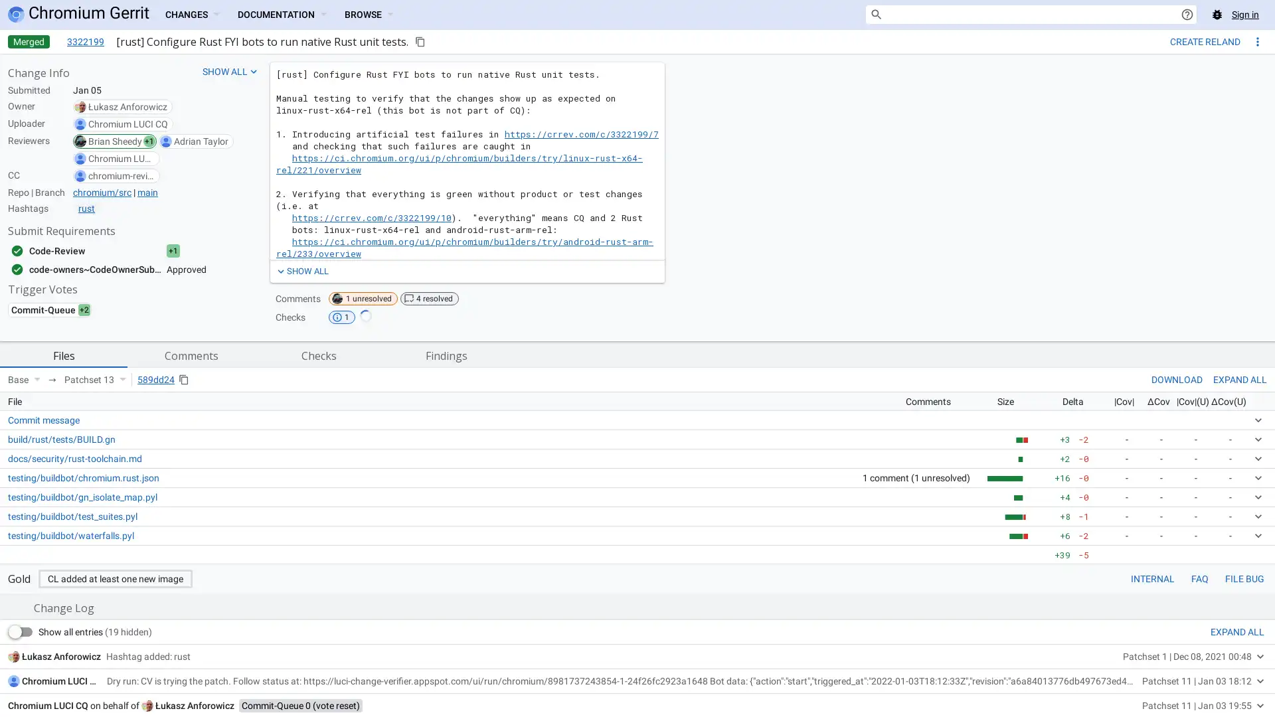 The image size is (1275, 717). What do you see at coordinates (1257, 40) in the screenshot?
I see `More` at bounding box center [1257, 40].